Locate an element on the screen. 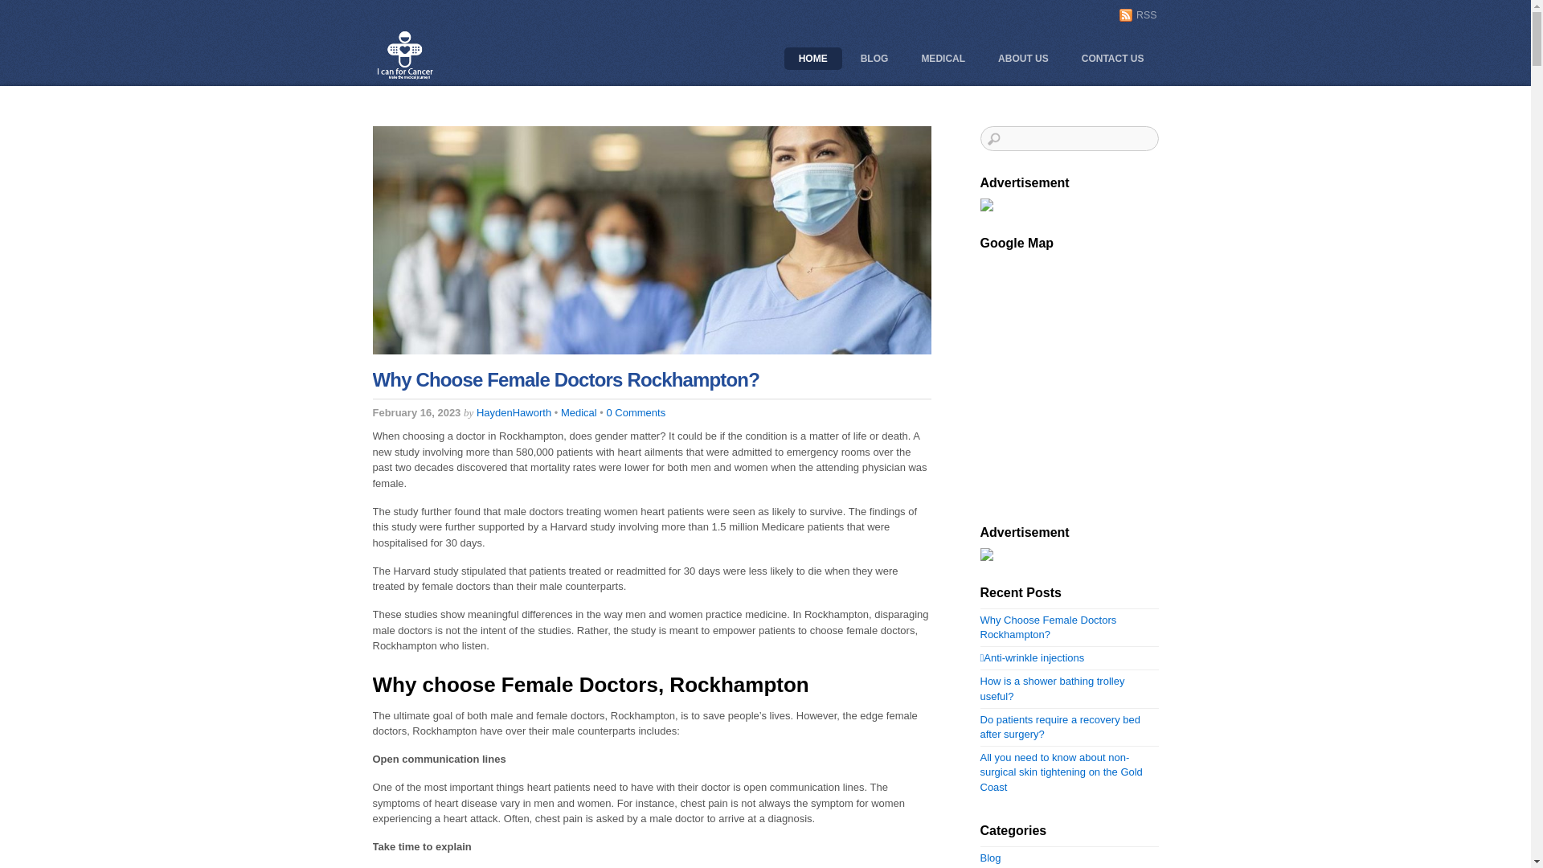 The width and height of the screenshot is (1543, 868). 'Why Choose Female Doctors Rockhampton?' is located at coordinates (566, 379).